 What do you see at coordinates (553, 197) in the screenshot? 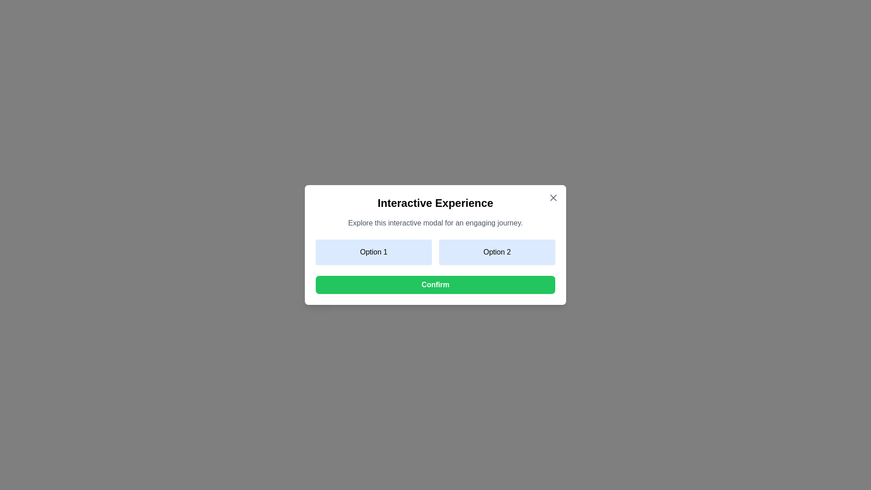
I see `the close button icon located in the top-right corner of the modal dialog` at bounding box center [553, 197].